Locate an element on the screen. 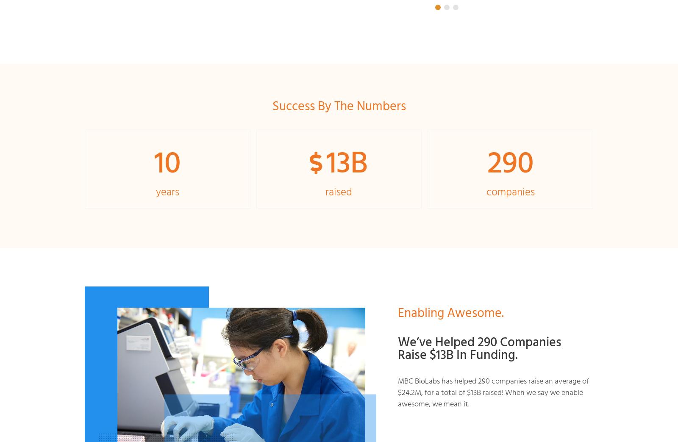  'B' is located at coordinates (358, 161).